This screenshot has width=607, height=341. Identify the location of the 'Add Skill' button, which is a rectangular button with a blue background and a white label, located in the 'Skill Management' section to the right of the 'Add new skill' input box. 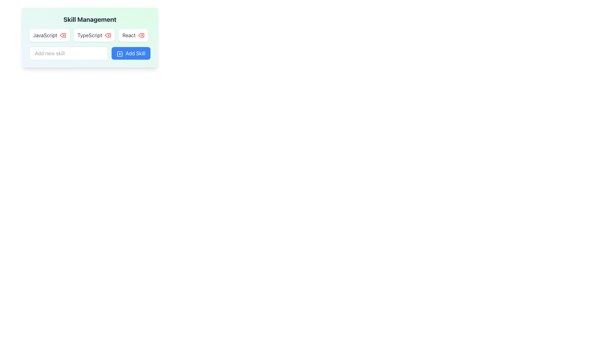
(131, 53).